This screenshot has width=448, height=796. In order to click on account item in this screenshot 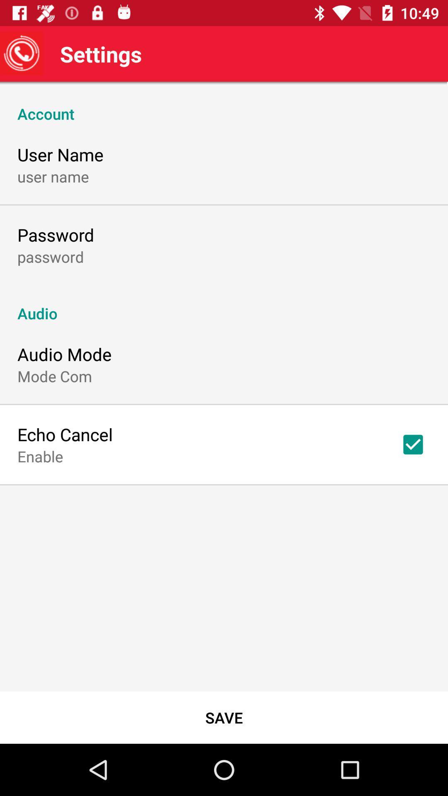, I will do `click(224, 104)`.